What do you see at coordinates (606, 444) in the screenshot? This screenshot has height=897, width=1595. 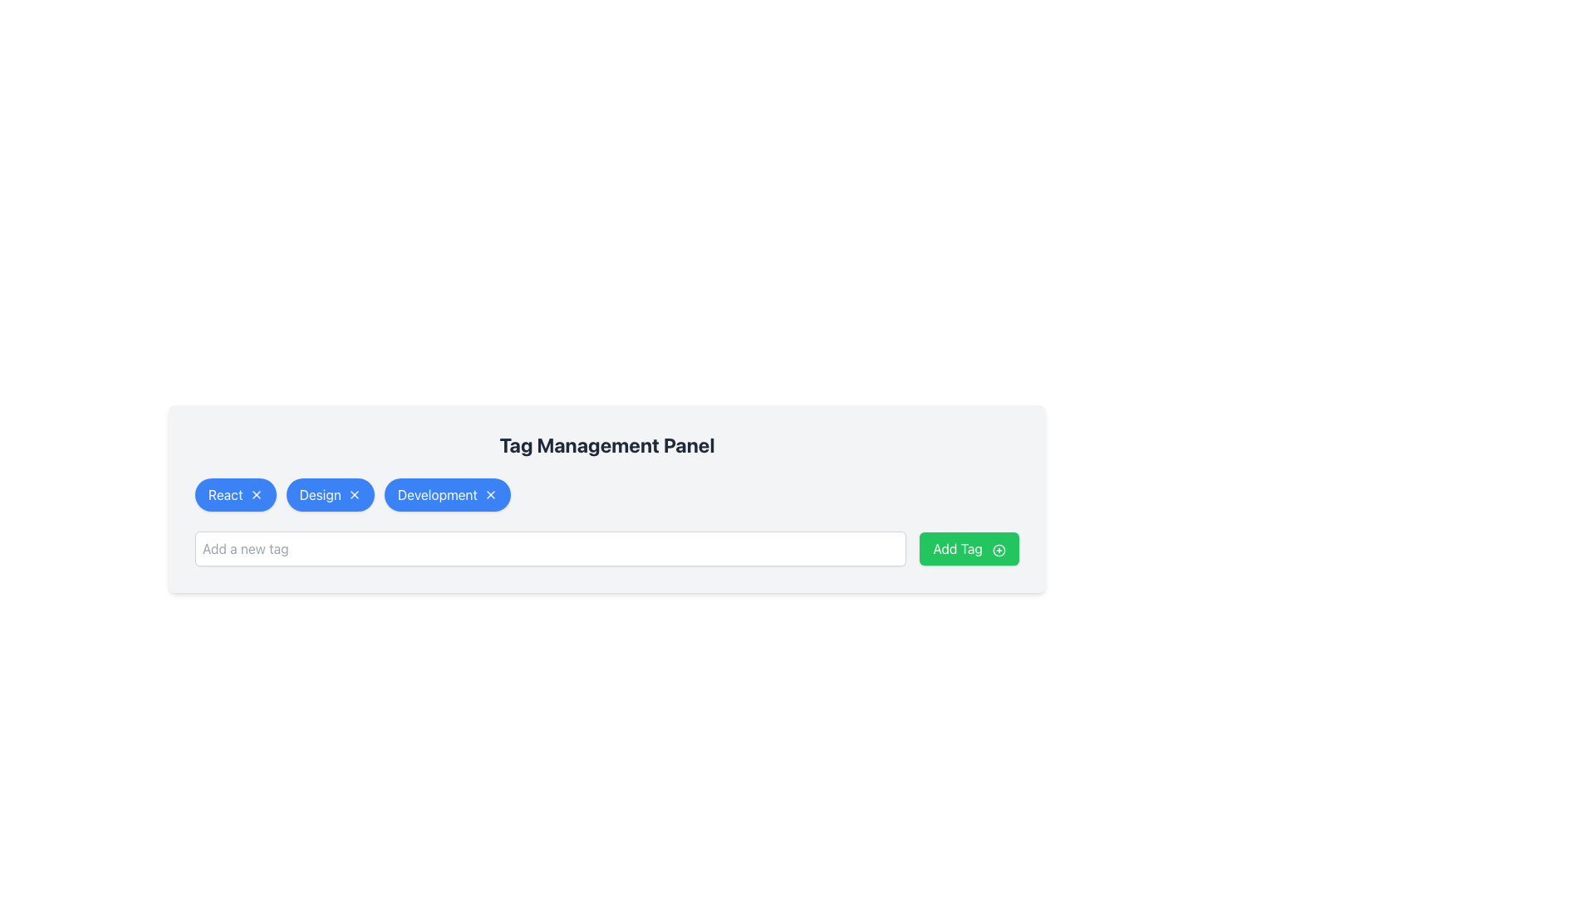 I see `the Text heading element that serves as the title for the tag management interface, which is centrally positioned within a rounded rectangular area with a light gray background` at bounding box center [606, 444].